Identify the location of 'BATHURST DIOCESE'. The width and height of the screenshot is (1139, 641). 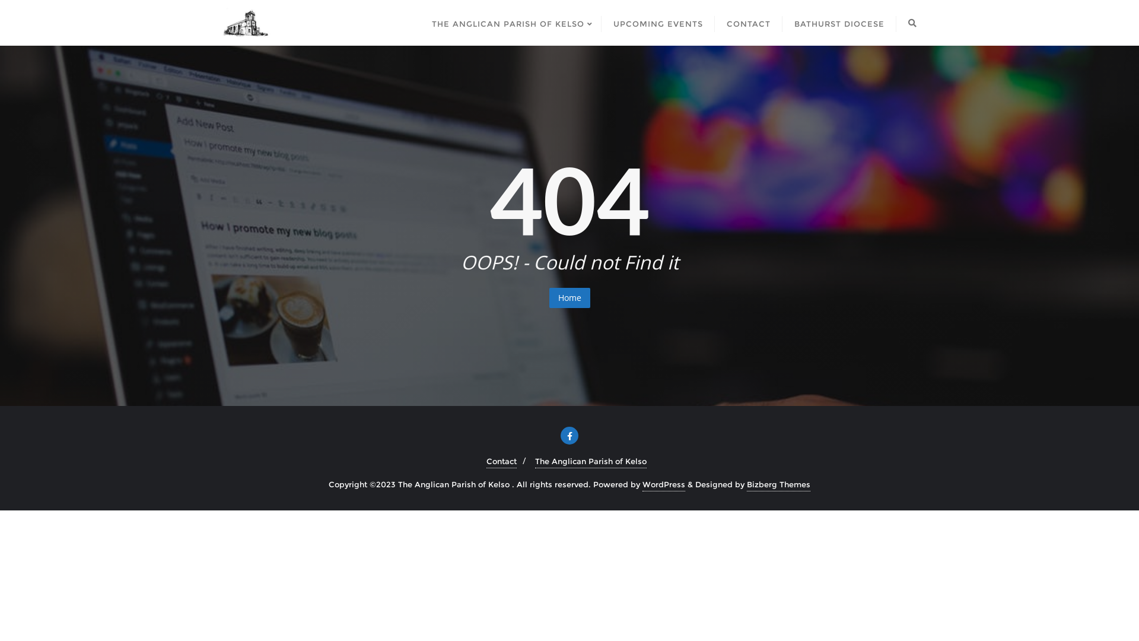
(839, 23).